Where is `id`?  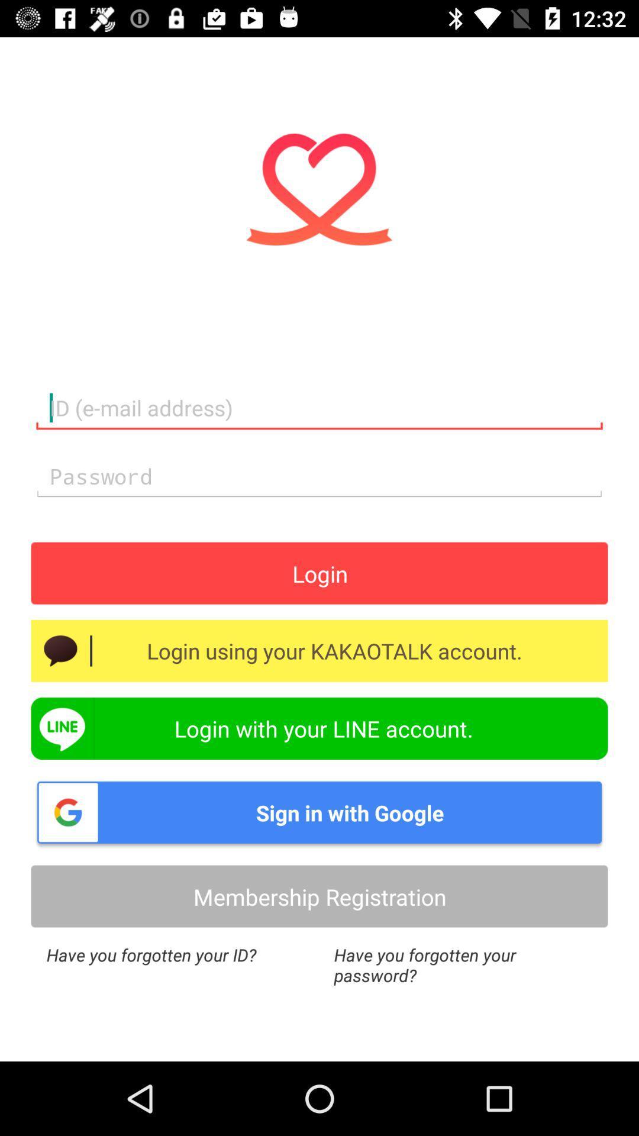
id is located at coordinates (319, 408).